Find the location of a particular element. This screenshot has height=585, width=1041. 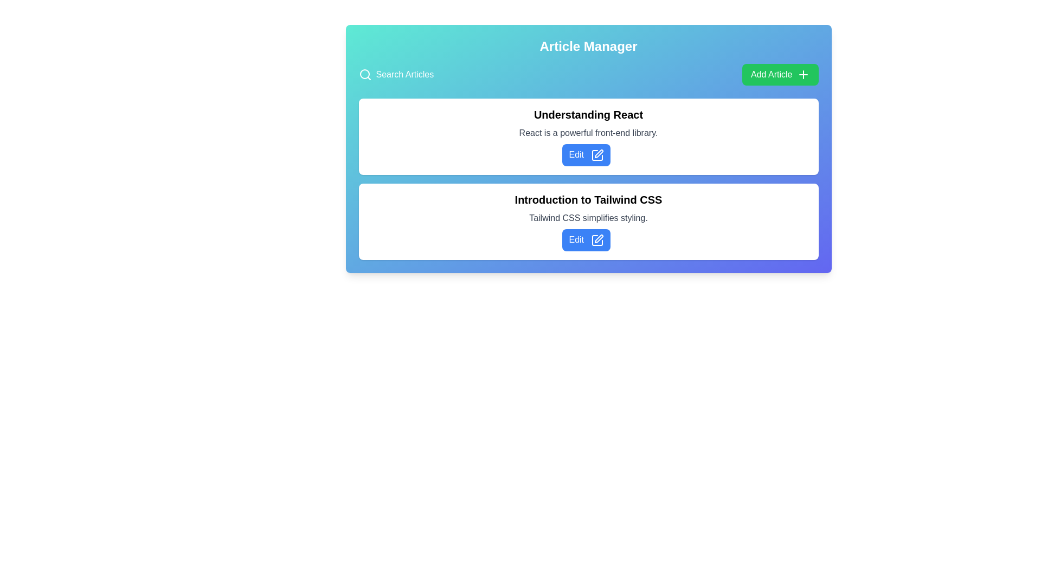

the edit button located below the 'Introduction to Tailwind CSS' section is located at coordinates (586, 239).